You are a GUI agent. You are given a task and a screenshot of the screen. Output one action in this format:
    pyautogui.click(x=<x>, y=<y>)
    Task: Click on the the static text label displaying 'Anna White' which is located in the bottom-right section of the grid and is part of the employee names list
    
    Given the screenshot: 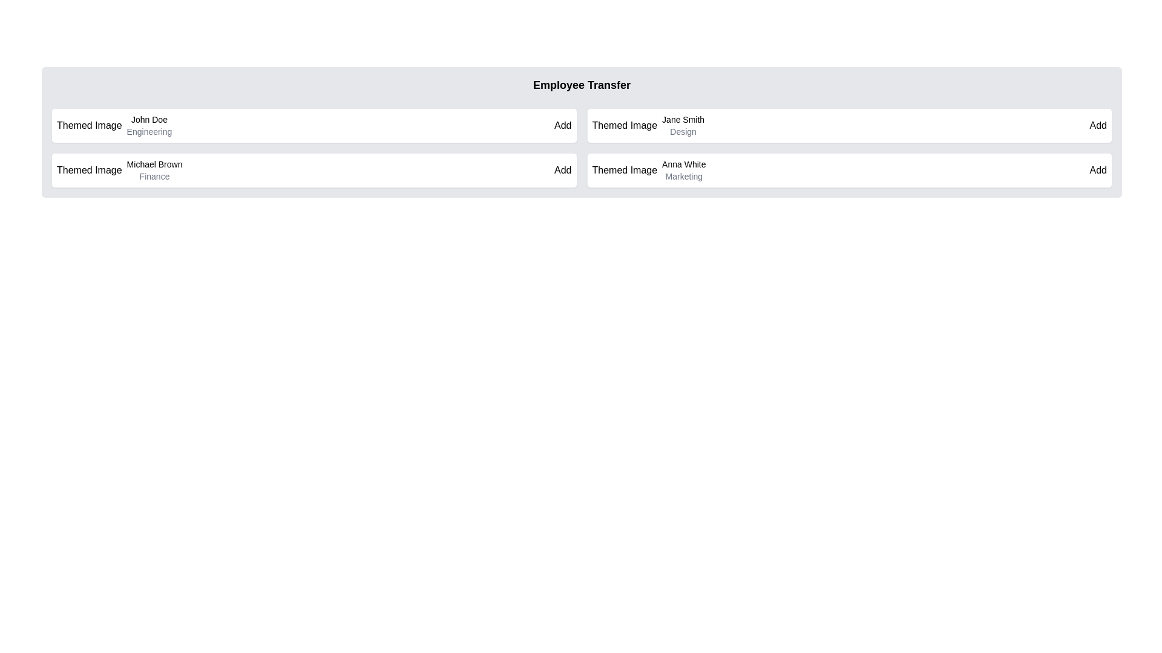 What is the action you would take?
    pyautogui.click(x=684, y=164)
    